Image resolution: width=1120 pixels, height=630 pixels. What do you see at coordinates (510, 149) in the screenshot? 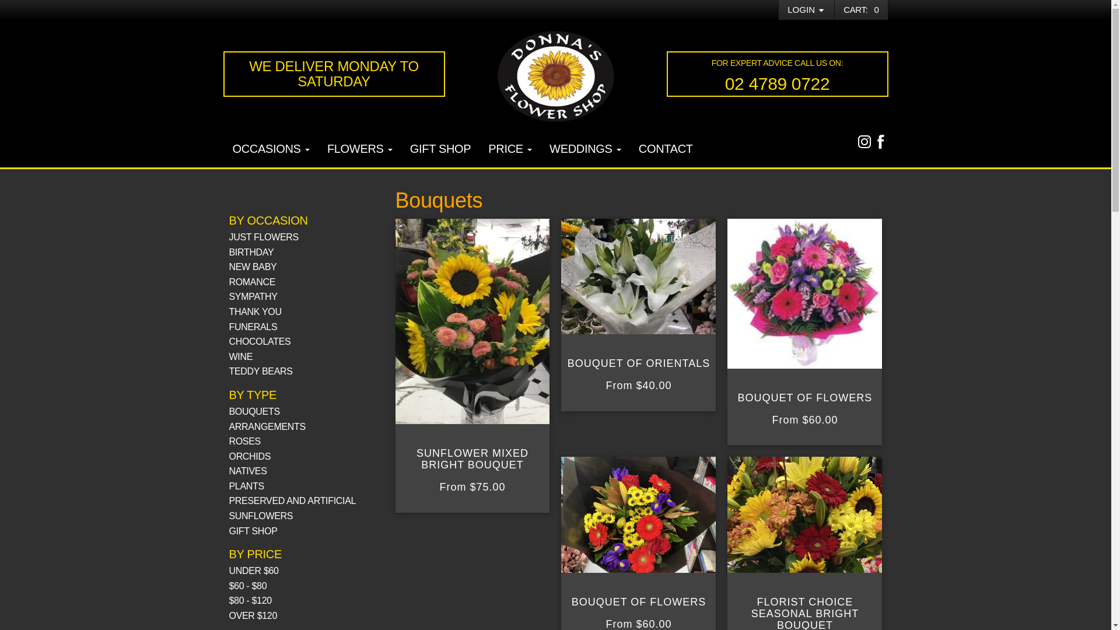
I see `'PRICE'` at bounding box center [510, 149].